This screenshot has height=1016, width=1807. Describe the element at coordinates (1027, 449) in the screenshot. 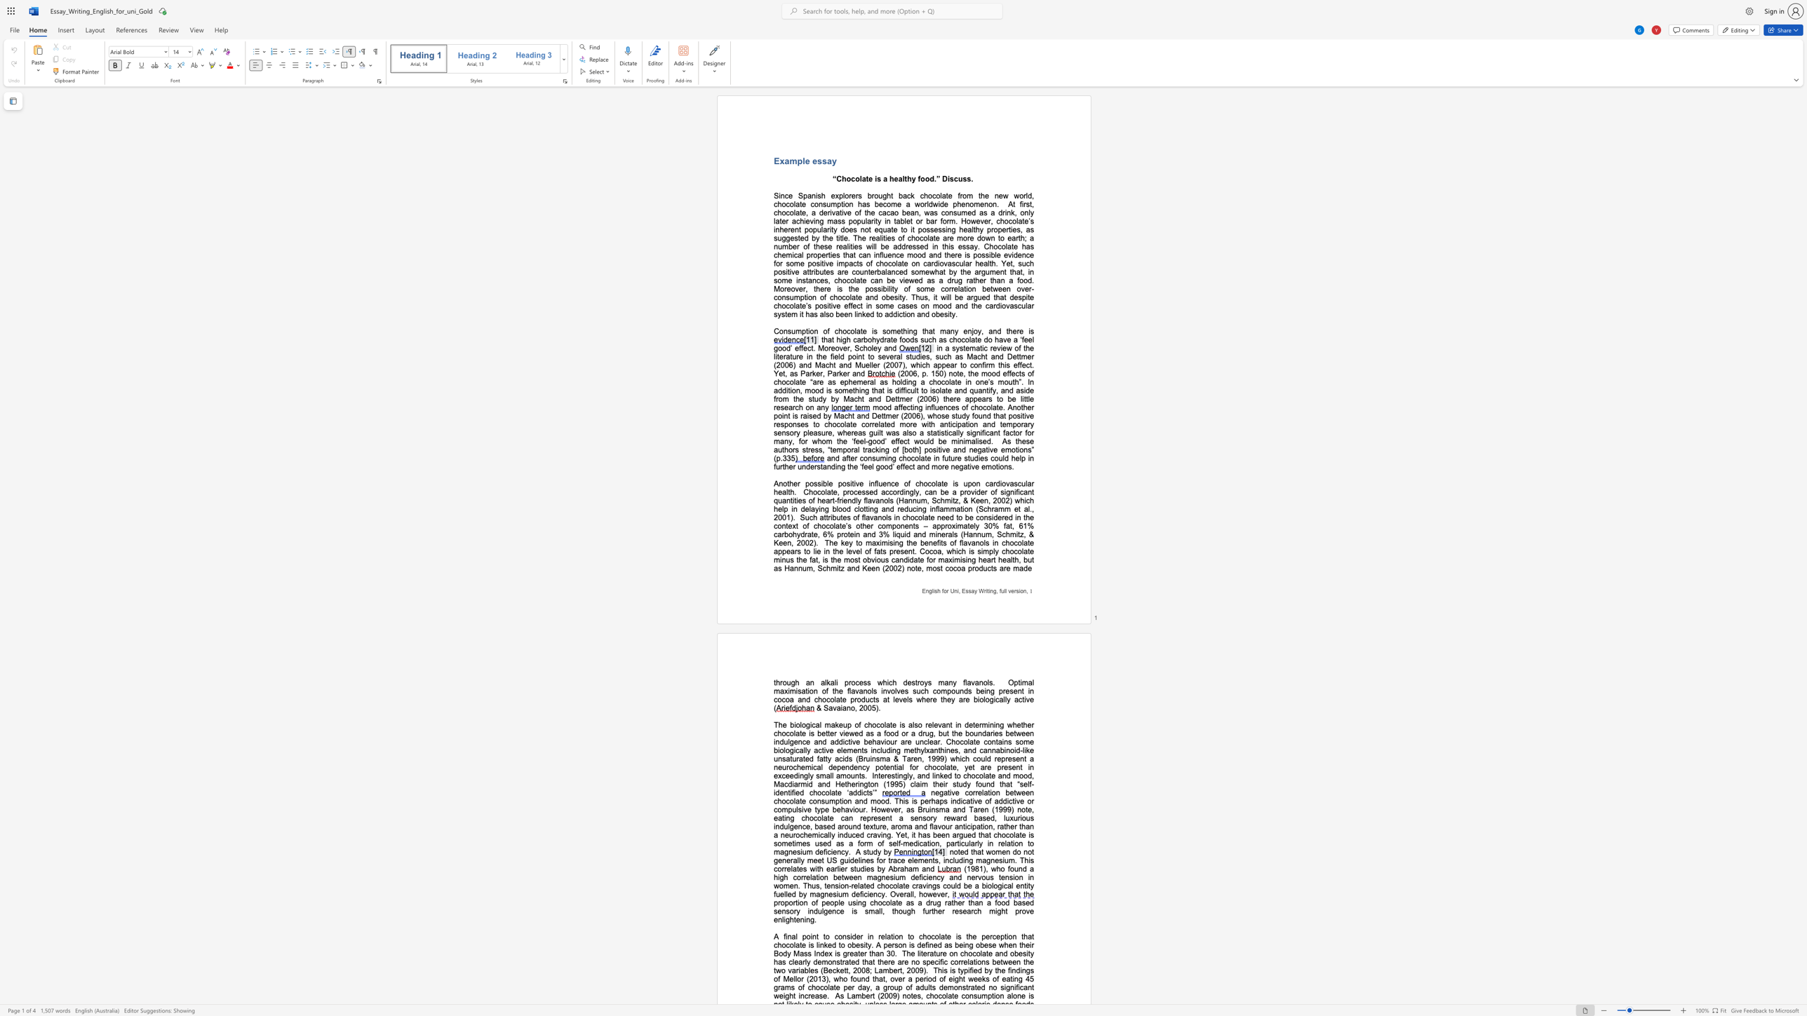

I see `the subset text "s” (p.33" within the text "As these authors stress, “temporal tracking of [both] positive and negative emotions” (p.335"` at that location.